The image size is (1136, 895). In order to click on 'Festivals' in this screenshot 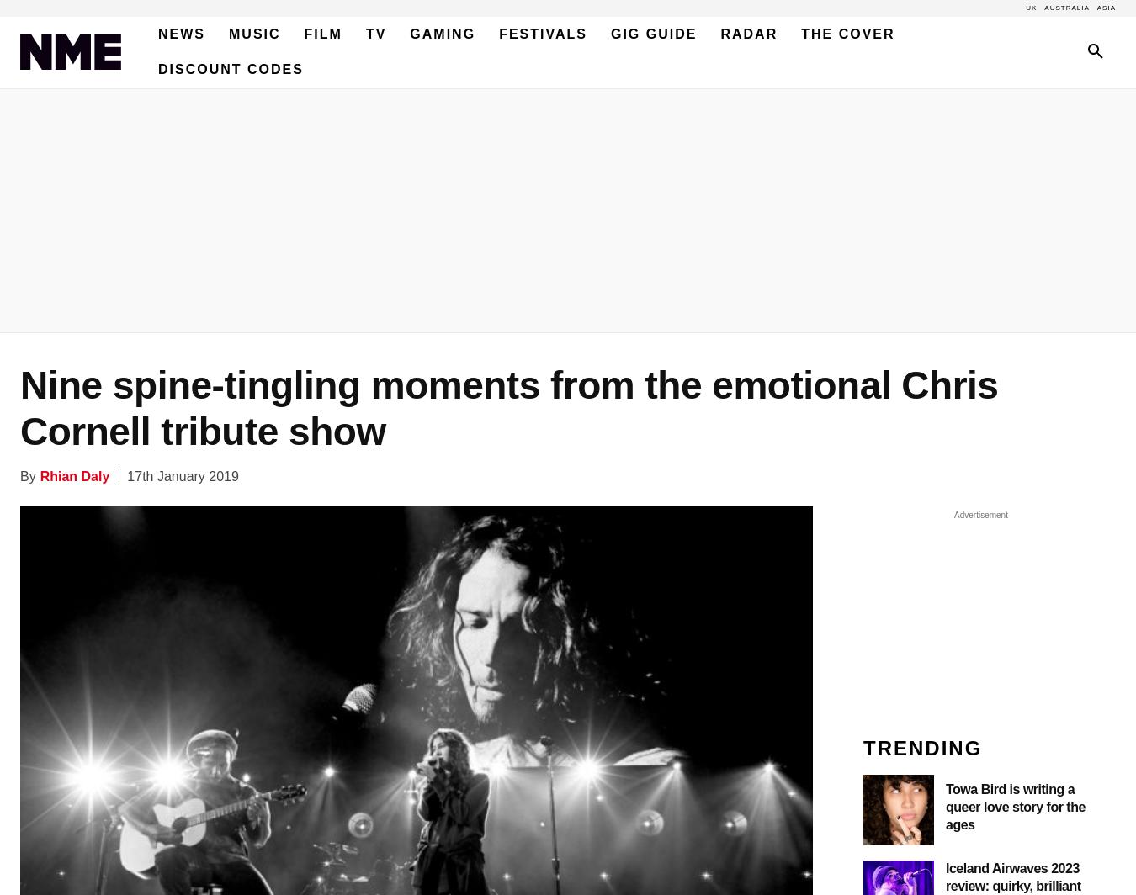, I will do `click(499, 34)`.